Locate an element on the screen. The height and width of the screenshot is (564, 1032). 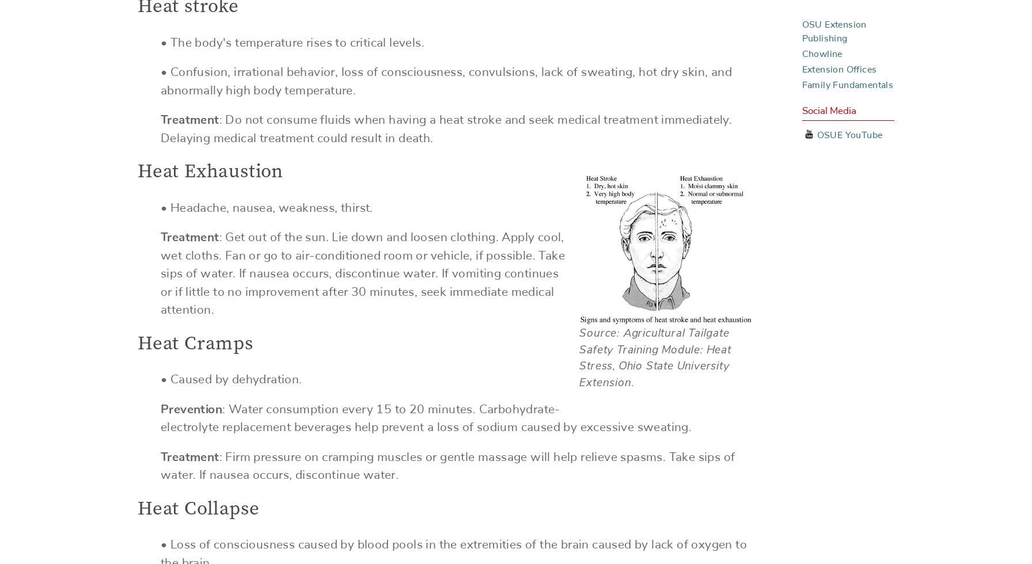
'• Caused by dehydration.' is located at coordinates (231, 379).